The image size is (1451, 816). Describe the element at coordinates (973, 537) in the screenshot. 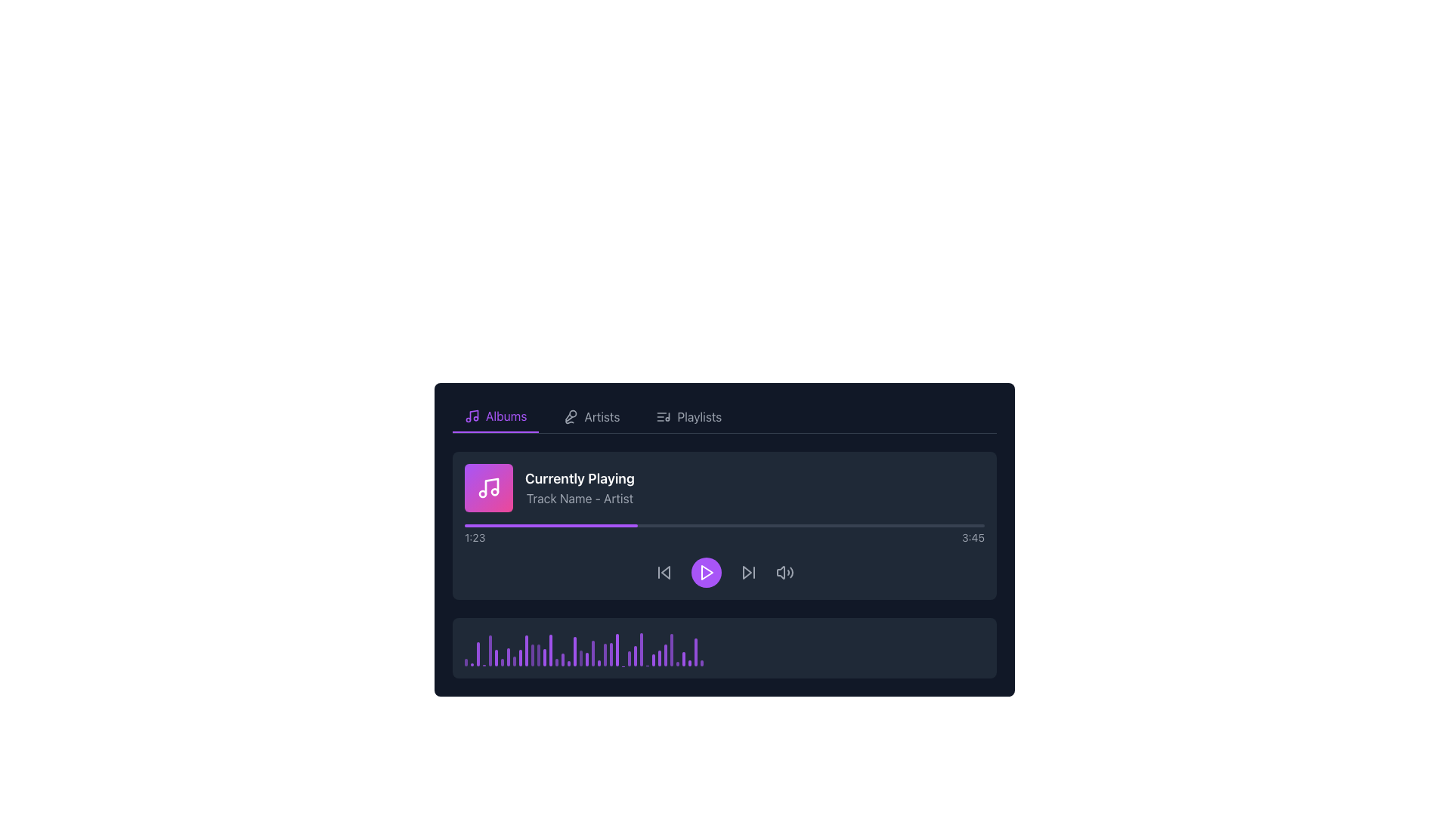

I see `the Text label displaying '3:45' styled in gray on a dark background, located on the right side of the time progression bar interface` at that location.